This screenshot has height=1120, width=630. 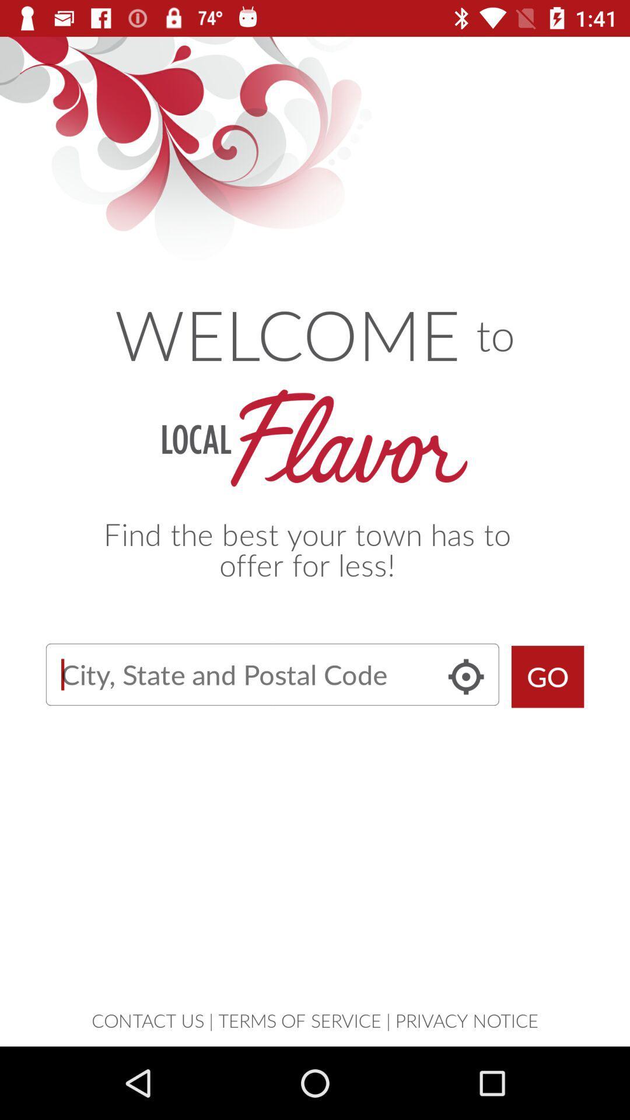 What do you see at coordinates (272, 674) in the screenshot?
I see `letter typing` at bounding box center [272, 674].